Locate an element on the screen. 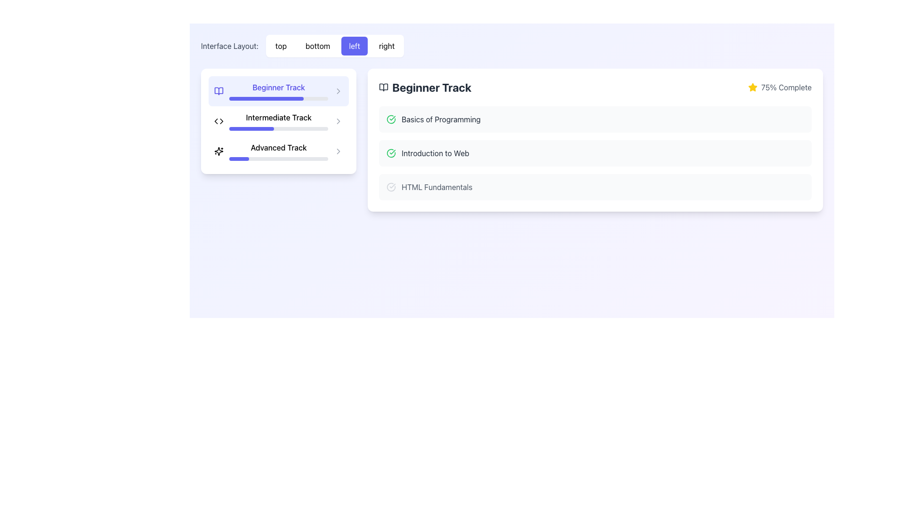 This screenshot has width=904, height=508. the open book icon located in the left sidebar next to the 'Beginner Track' section header by clicking on its main outline is located at coordinates (384, 87).